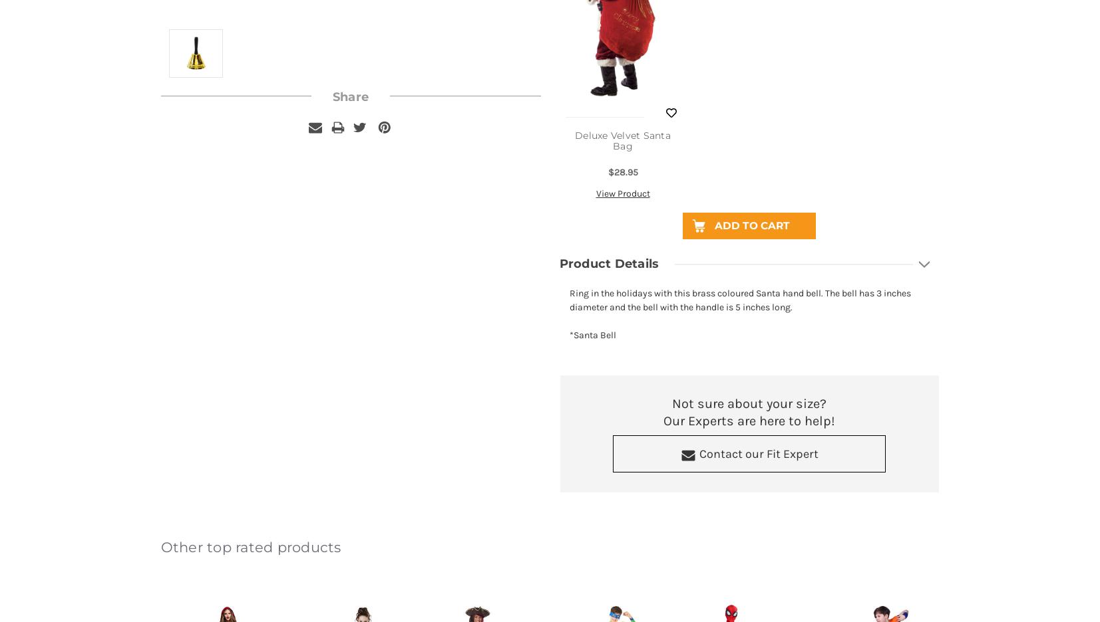 The image size is (1100, 622). Describe the element at coordinates (757, 453) in the screenshot. I see `'Contact our Fit Expert'` at that location.